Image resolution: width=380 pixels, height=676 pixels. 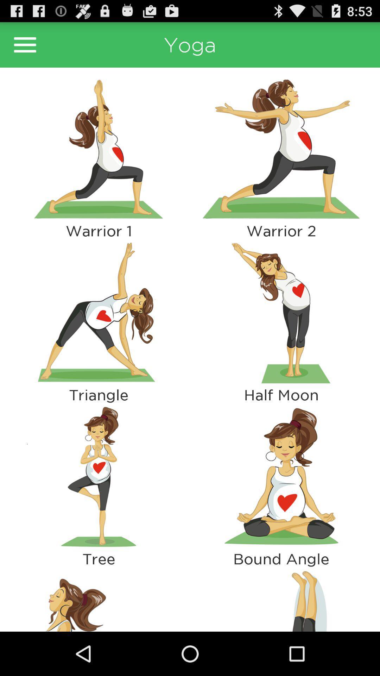 I want to click on show more info about that pose, so click(x=99, y=477).